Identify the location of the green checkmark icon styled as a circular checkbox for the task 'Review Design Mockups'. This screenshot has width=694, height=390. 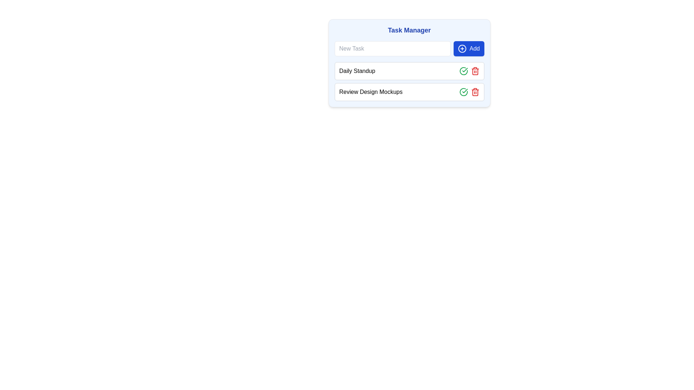
(465, 70).